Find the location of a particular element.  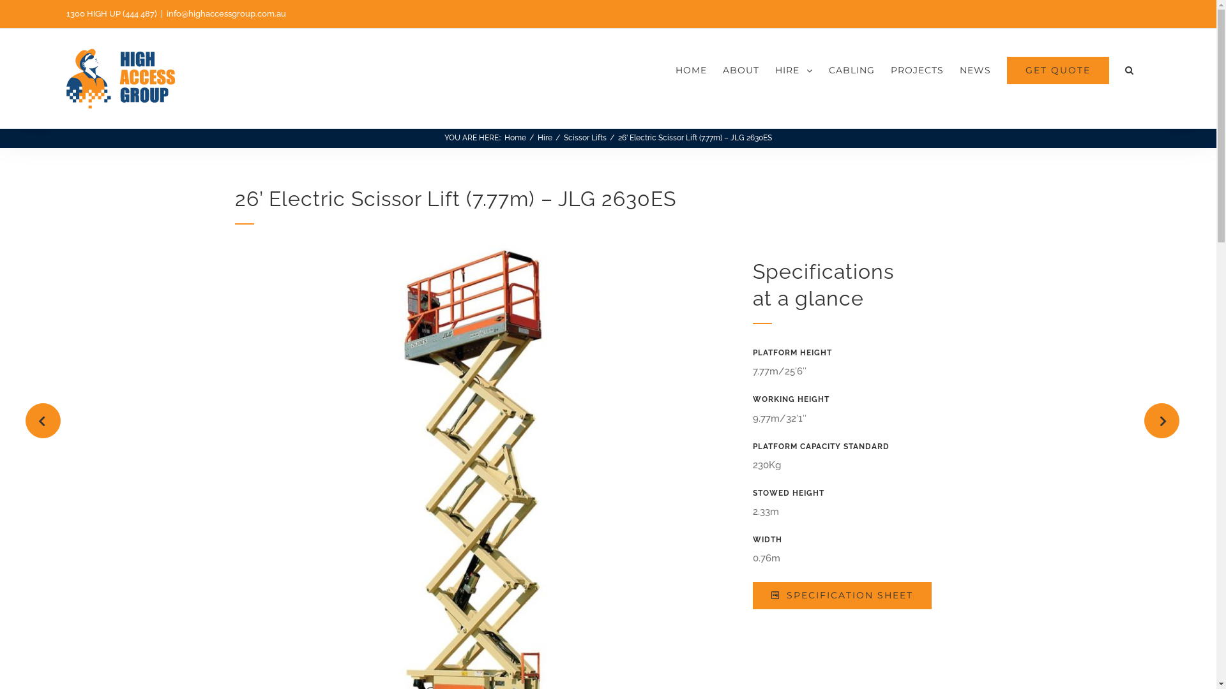

'info@highaccessgroup.com.au' is located at coordinates (226, 13).